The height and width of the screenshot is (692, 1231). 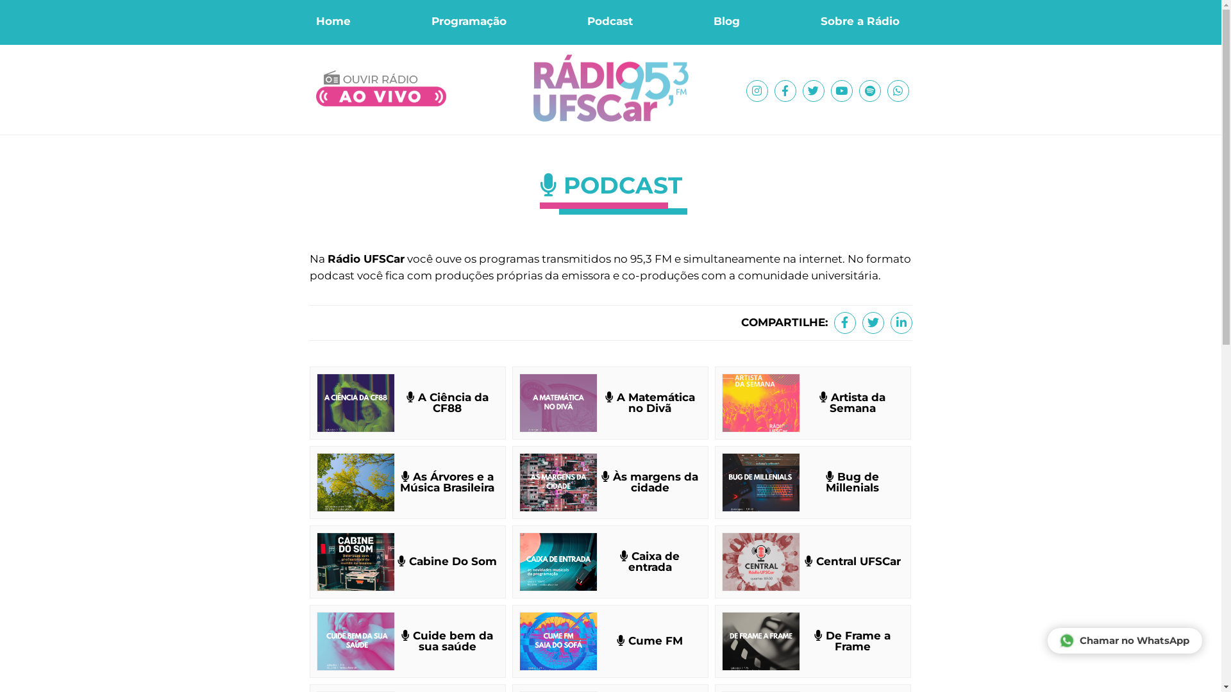 I want to click on 'Central UFSCar', so click(x=812, y=561).